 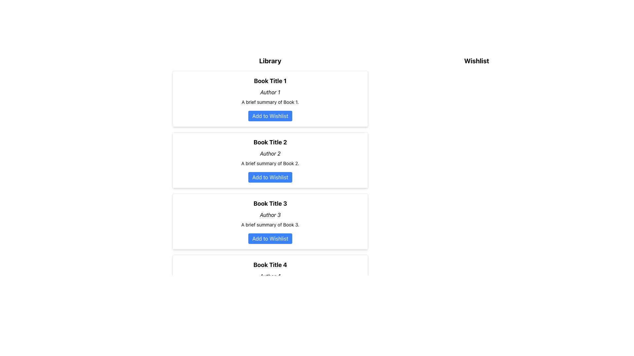 I want to click on text block containing the phrase 'A brief summary of Book 2.' located under 'Author 2' in the 'Book Title 2' section, so click(x=270, y=163).